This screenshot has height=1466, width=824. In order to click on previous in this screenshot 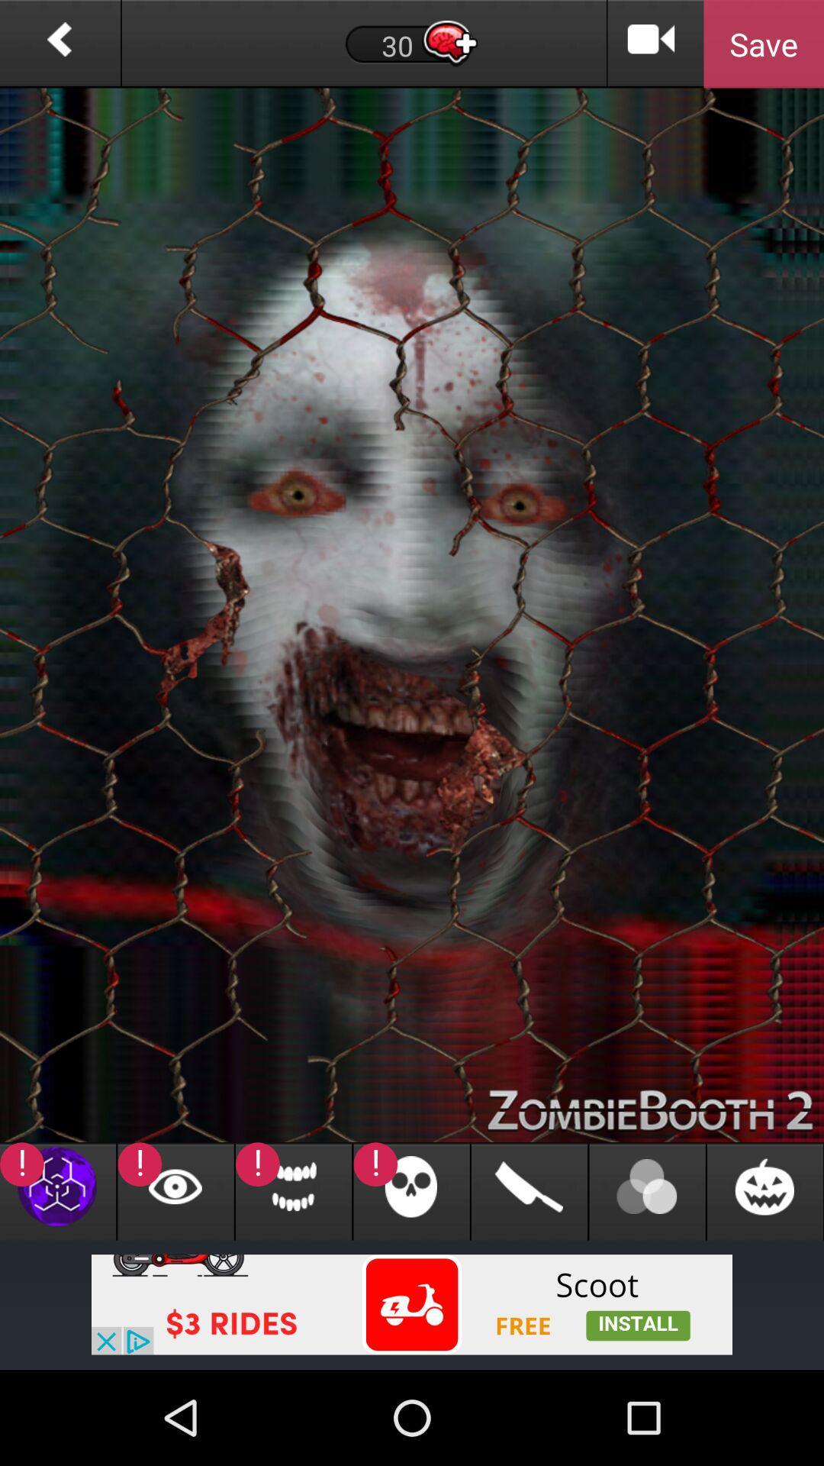, I will do `click(59, 44)`.